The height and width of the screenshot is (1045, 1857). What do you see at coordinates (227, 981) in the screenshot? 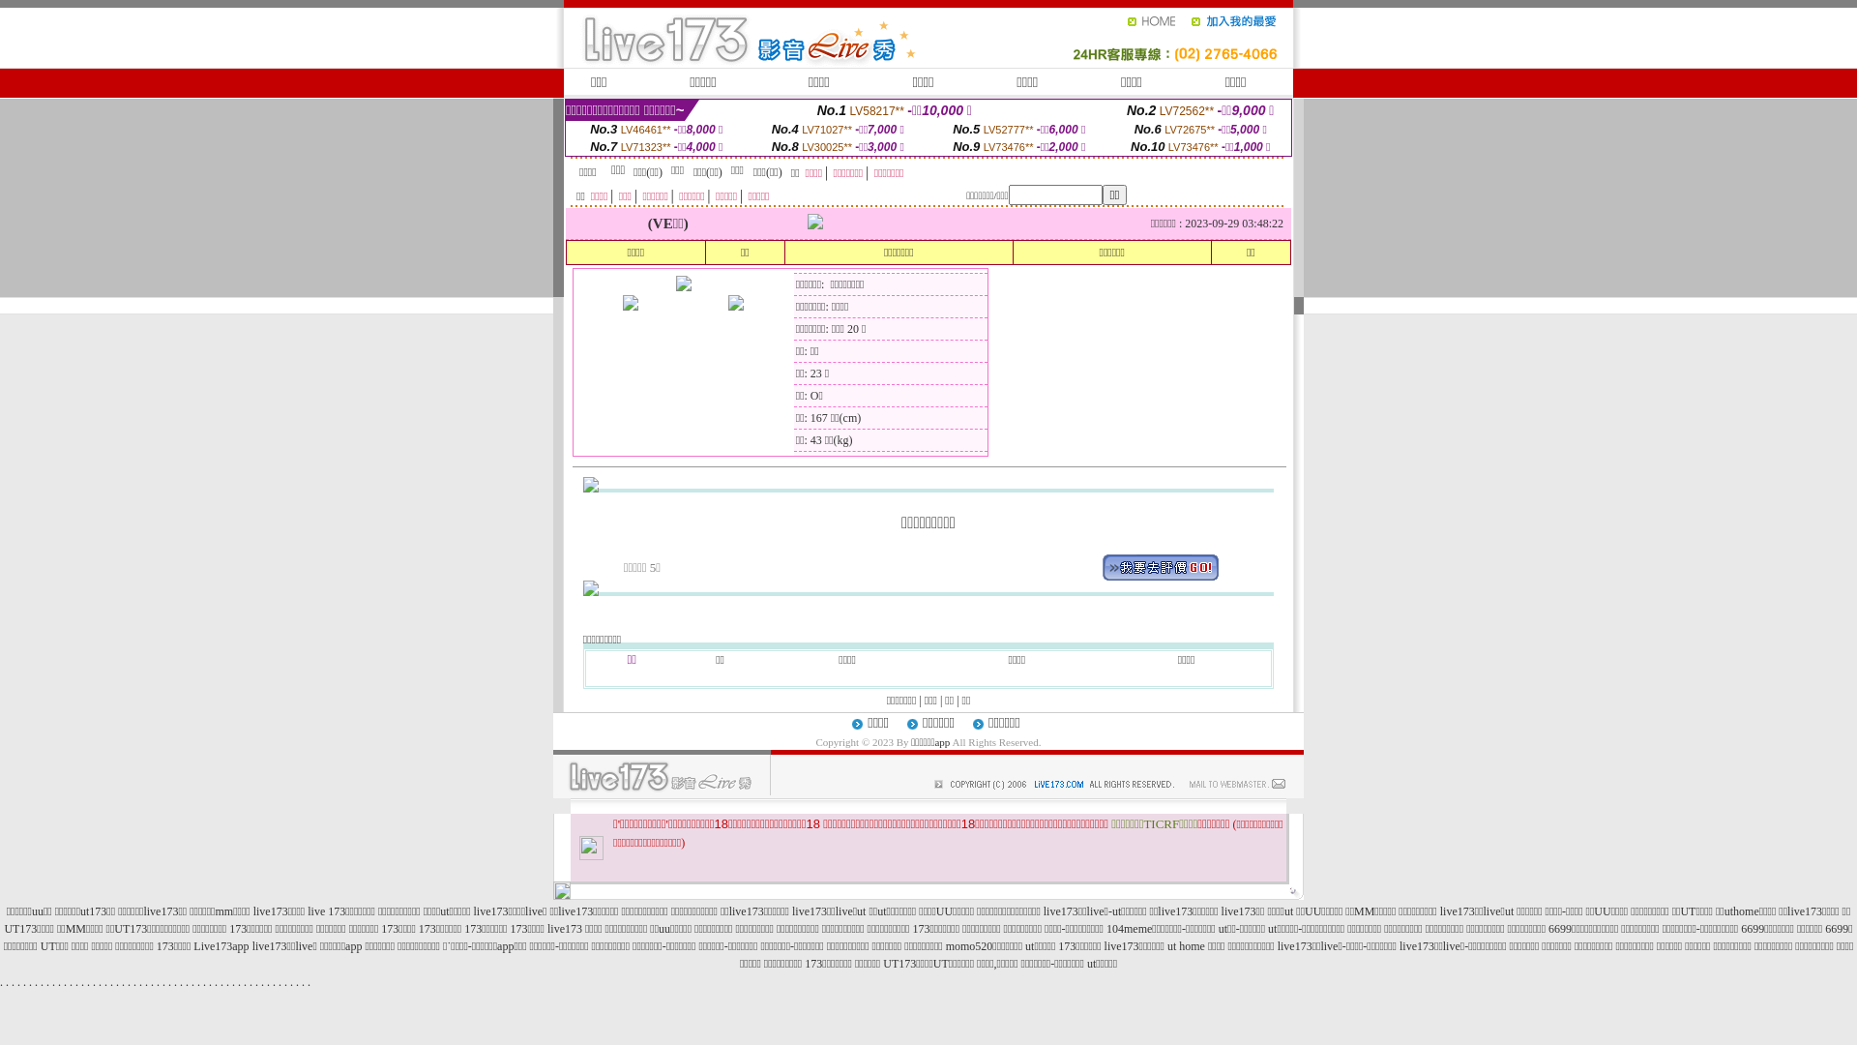
I see `'.'` at bounding box center [227, 981].